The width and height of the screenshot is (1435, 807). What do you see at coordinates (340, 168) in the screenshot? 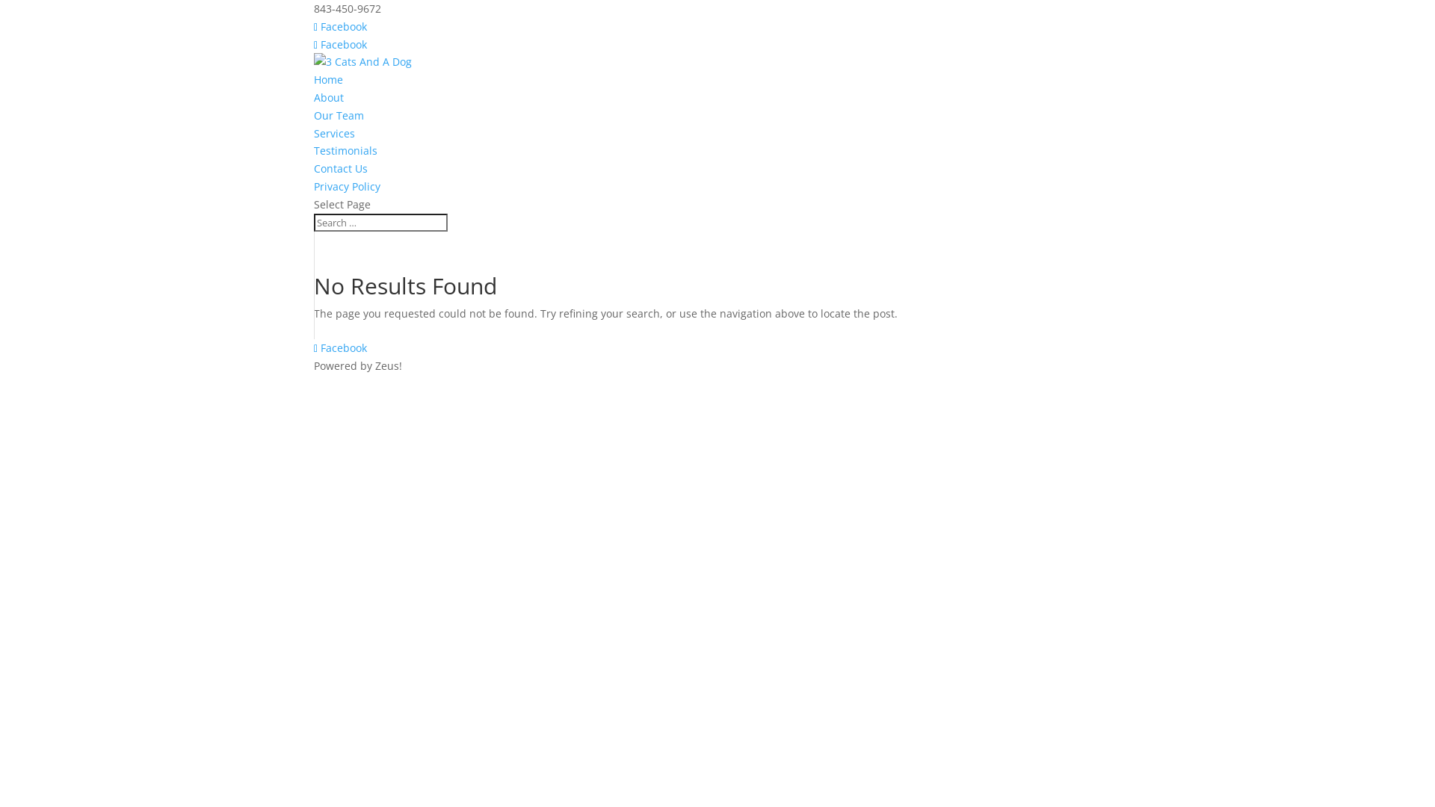
I see `'Contact Us'` at bounding box center [340, 168].